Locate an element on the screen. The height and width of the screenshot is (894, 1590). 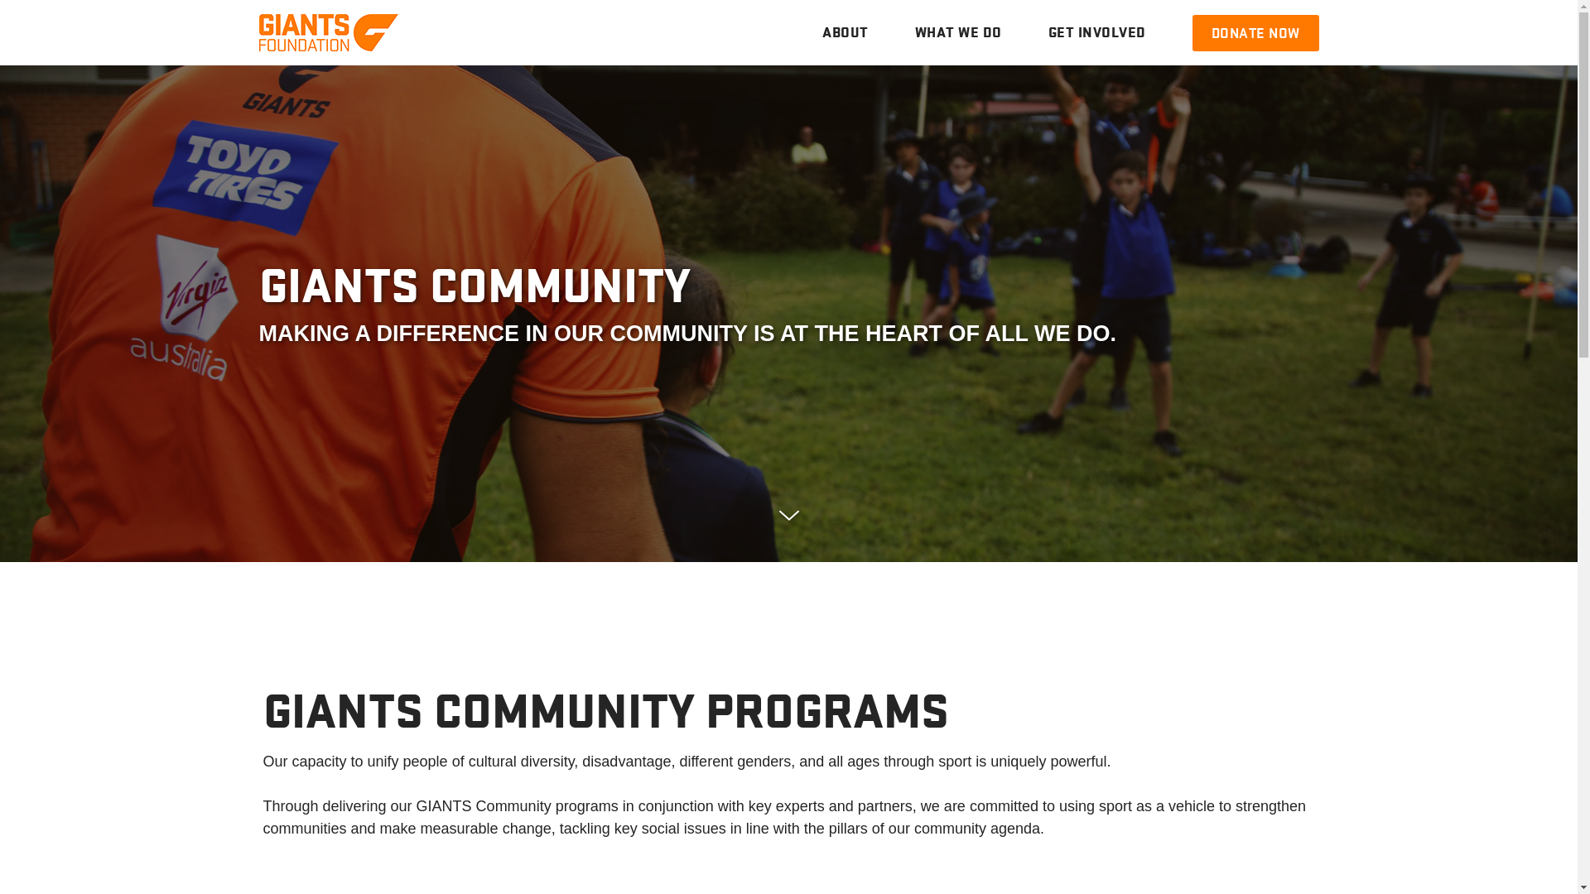
'ABOUT' is located at coordinates (846, 32).